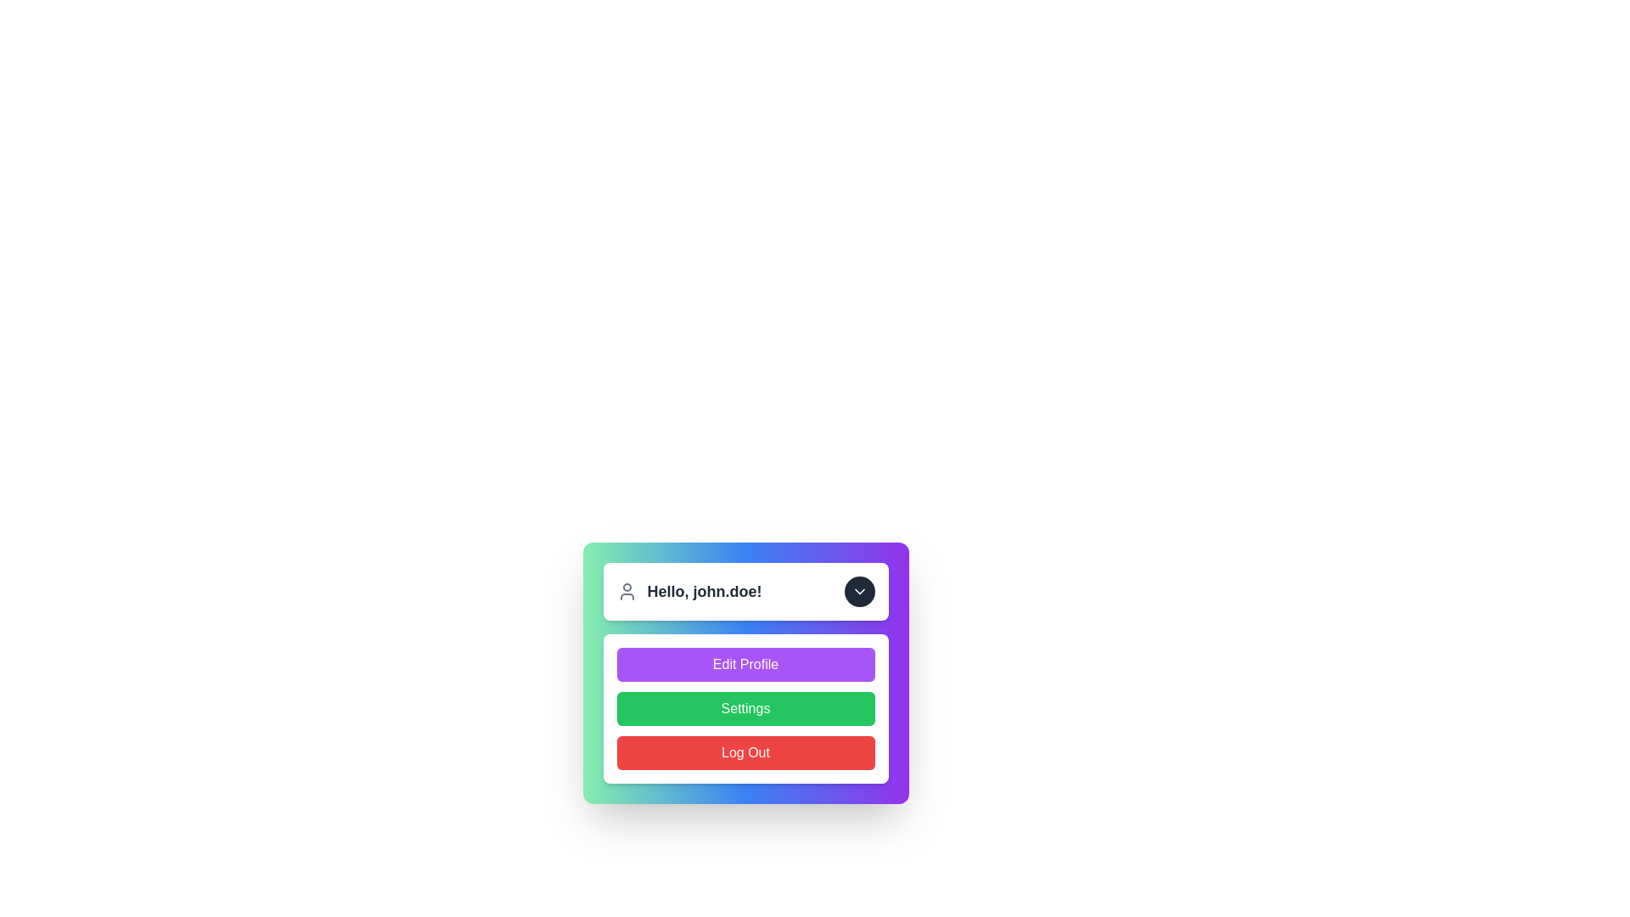 This screenshot has height=917, width=1630. I want to click on the downward-pointing chevron icon within the circular button located at the top right corner of the user menu, so click(859, 591).